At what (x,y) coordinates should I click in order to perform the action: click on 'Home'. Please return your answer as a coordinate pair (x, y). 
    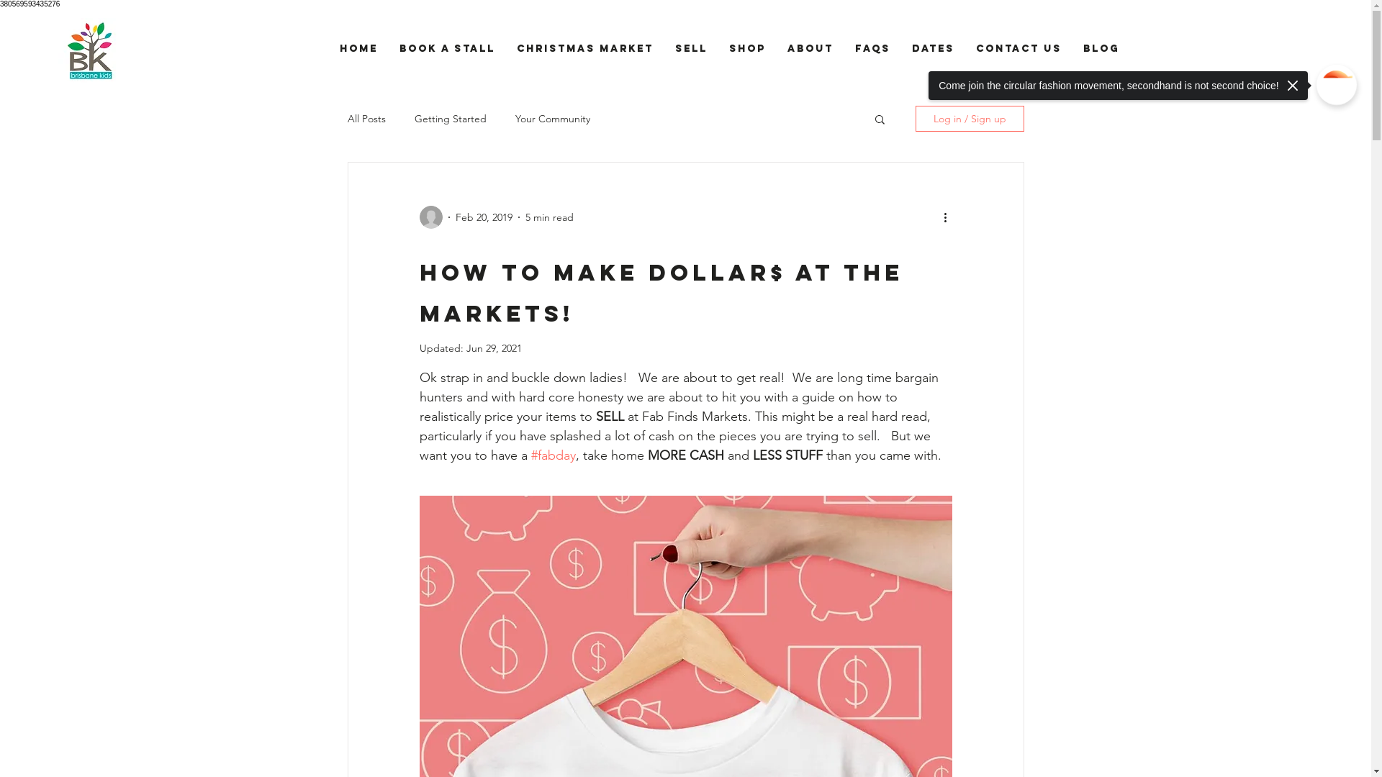
    Looking at the image, I should click on (358, 48).